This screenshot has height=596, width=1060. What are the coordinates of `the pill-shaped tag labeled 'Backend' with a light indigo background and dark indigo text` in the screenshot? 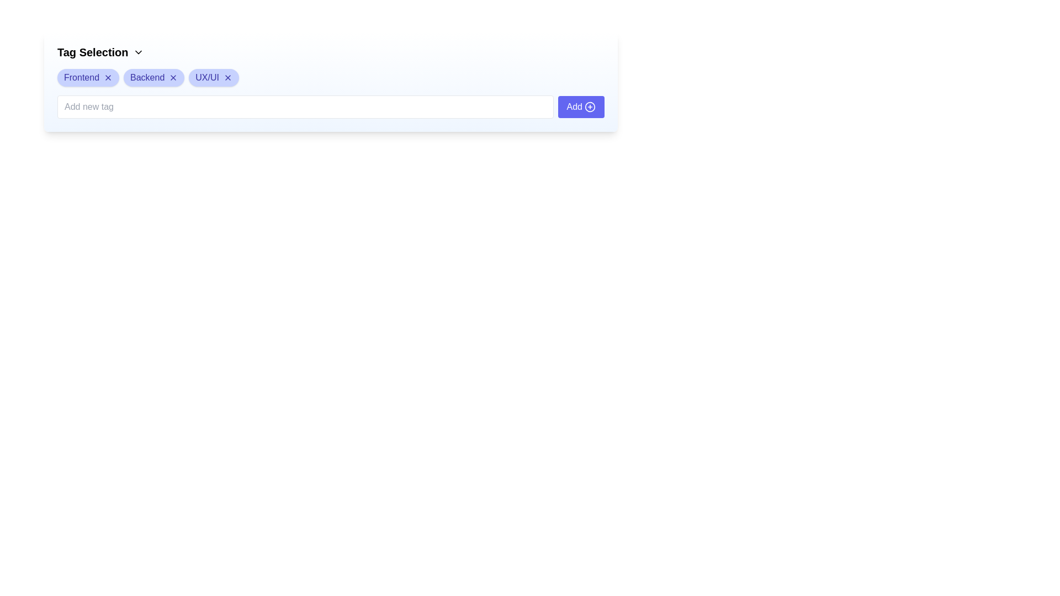 It's located at (153, 77).